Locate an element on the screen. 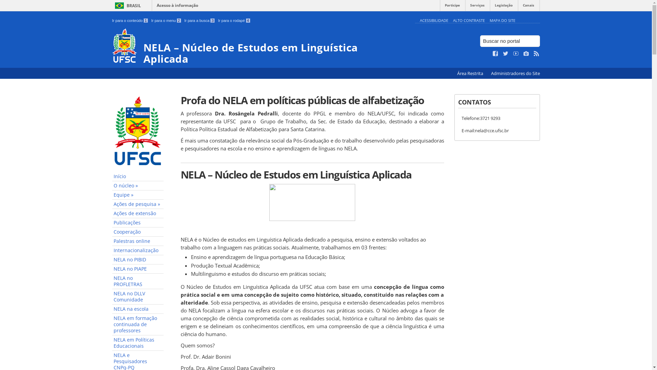 The height and width of the screenshot is (370, 657). 'Palestras online' is located at coordinates (138, 241).